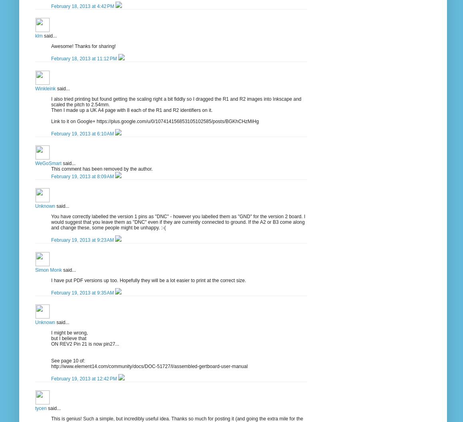 This screenshot has height=422, width=463. Describe the element at coordinates (50, 222) in the screenshot. I see `'You have correctly labelled the version 1 pins as "DNC" - however you labelled them as "GND" for the version 2 board.  I would suggest that you leave them as "DNC" even if they are currently connected to ground.  If the A2 or B3 come along and change these, some people might be unhappy. :-('` at that location.